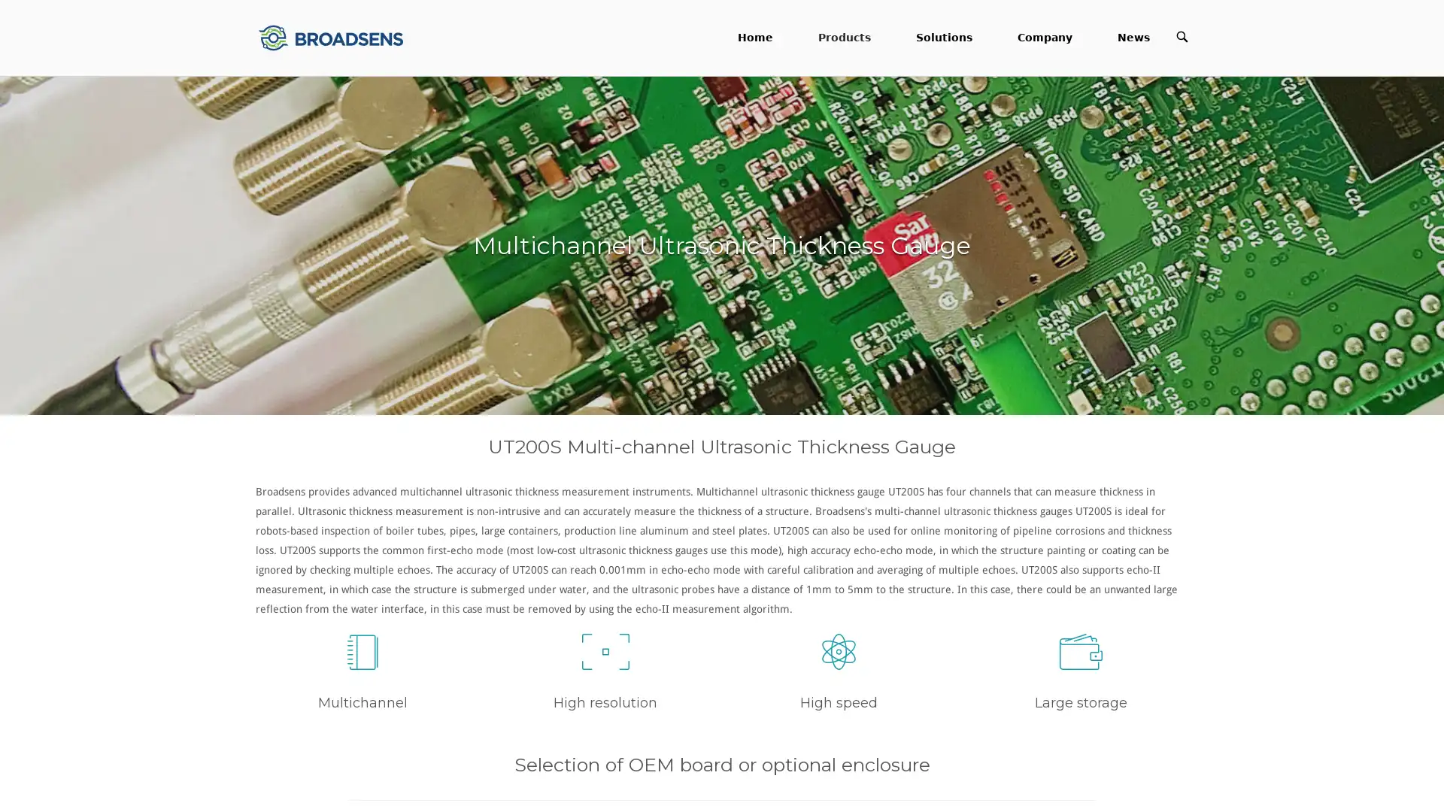  I want to click on OPEN SEARCH BAR, so click(1181, 36).